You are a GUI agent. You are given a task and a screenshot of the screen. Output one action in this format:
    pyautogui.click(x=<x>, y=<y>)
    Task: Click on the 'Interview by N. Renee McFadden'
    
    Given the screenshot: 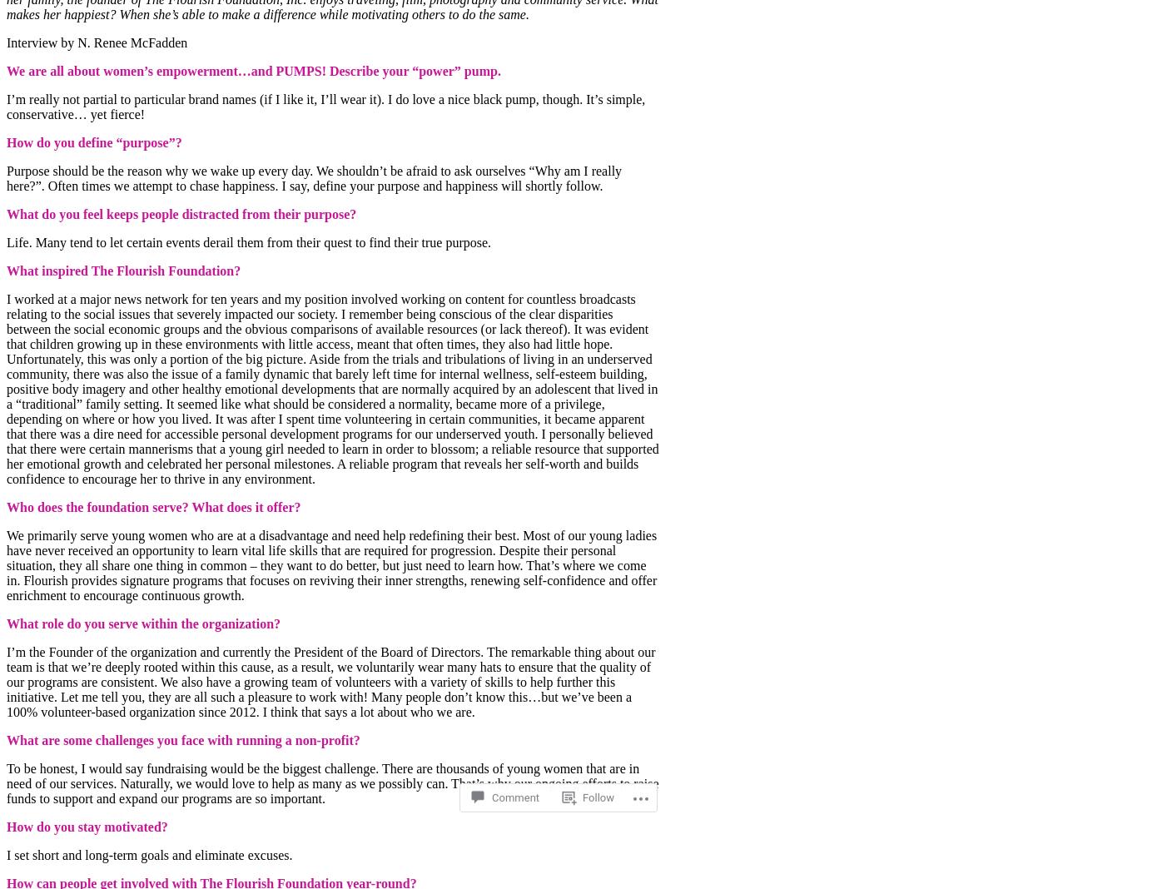 What is the action you would take?
    pyautogui.click(x=97, y=41)
    